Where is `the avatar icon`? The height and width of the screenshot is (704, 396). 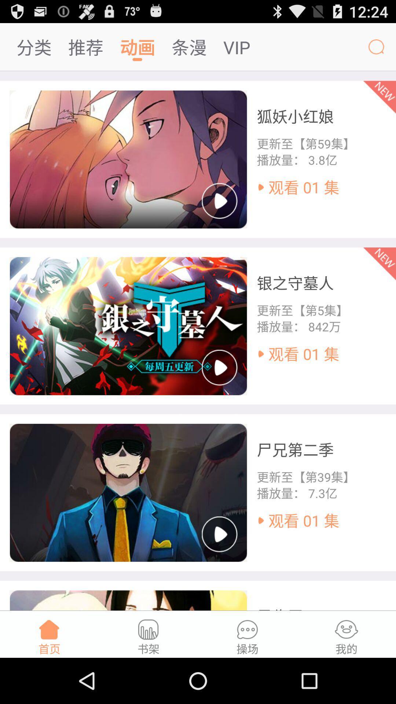 the avatar icon is located at coordinates (377, 50).